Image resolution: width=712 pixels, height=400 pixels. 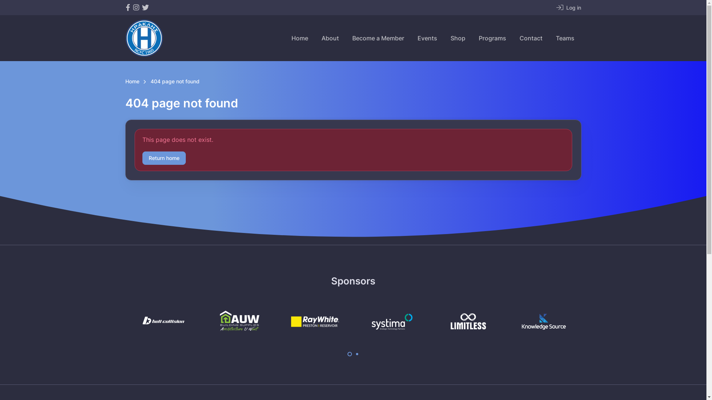 I want to click on 'Become a Member', so click(x=378, y=38).